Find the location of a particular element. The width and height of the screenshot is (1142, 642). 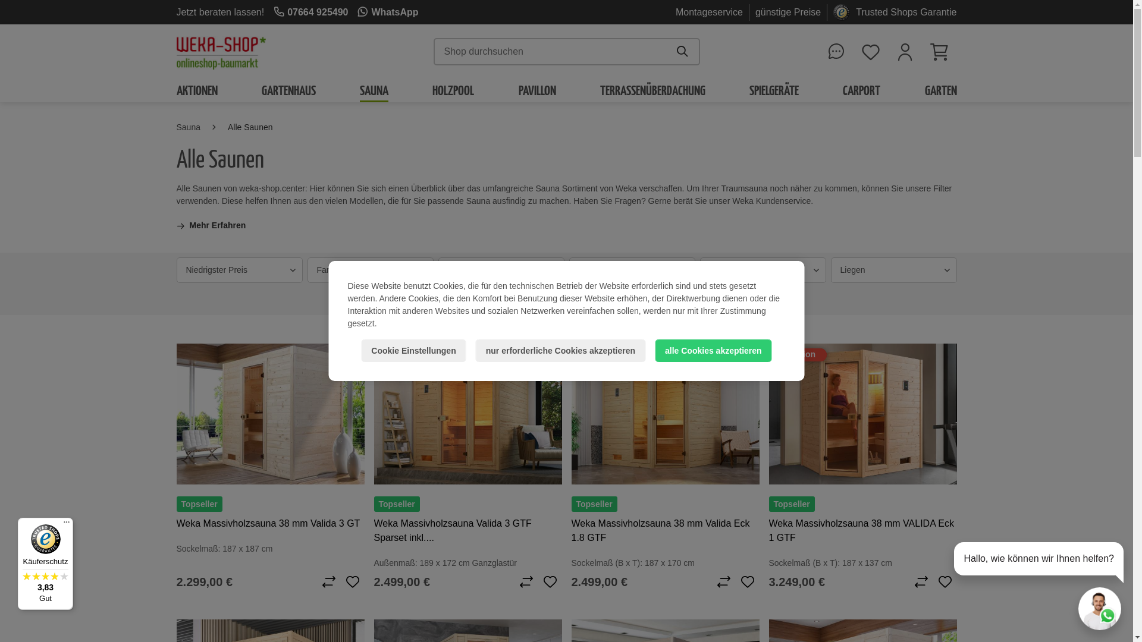

'Sauna' is located at coordinates (187, 127).